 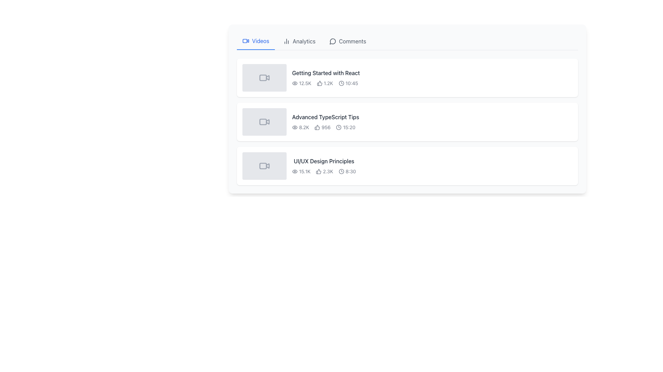 What do you see at coordinates (333, 41) in the screenshot?
I see `the SVG Icon representing the 'Comments' tab in the navigation bar, which visually identifies this section of the interface` at bounding box center [333, 41].